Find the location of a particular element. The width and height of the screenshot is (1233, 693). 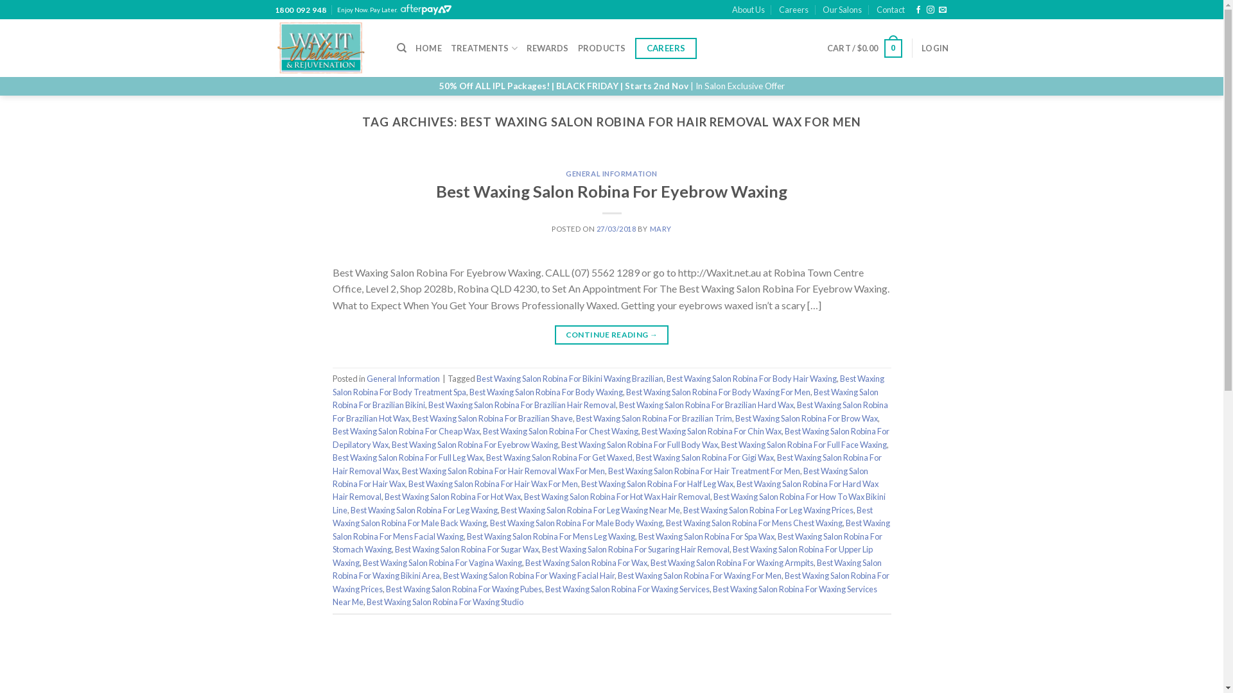

'Best Waxing Salon Robina For Leg Waxing Prices' is located at coordinates (768, 509).